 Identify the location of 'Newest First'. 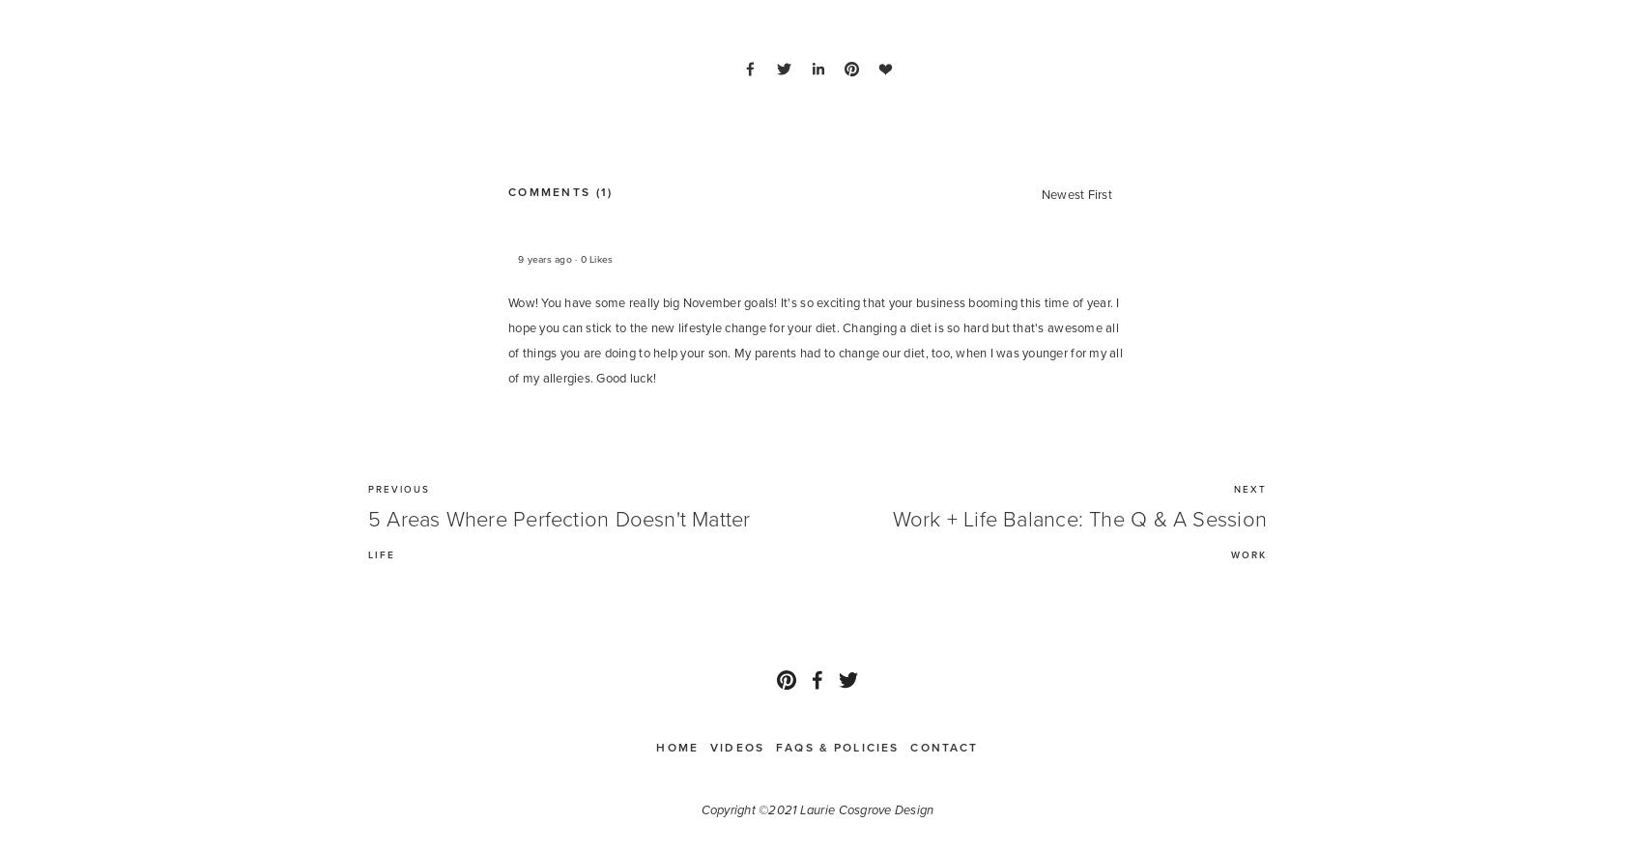
(1076, 194).